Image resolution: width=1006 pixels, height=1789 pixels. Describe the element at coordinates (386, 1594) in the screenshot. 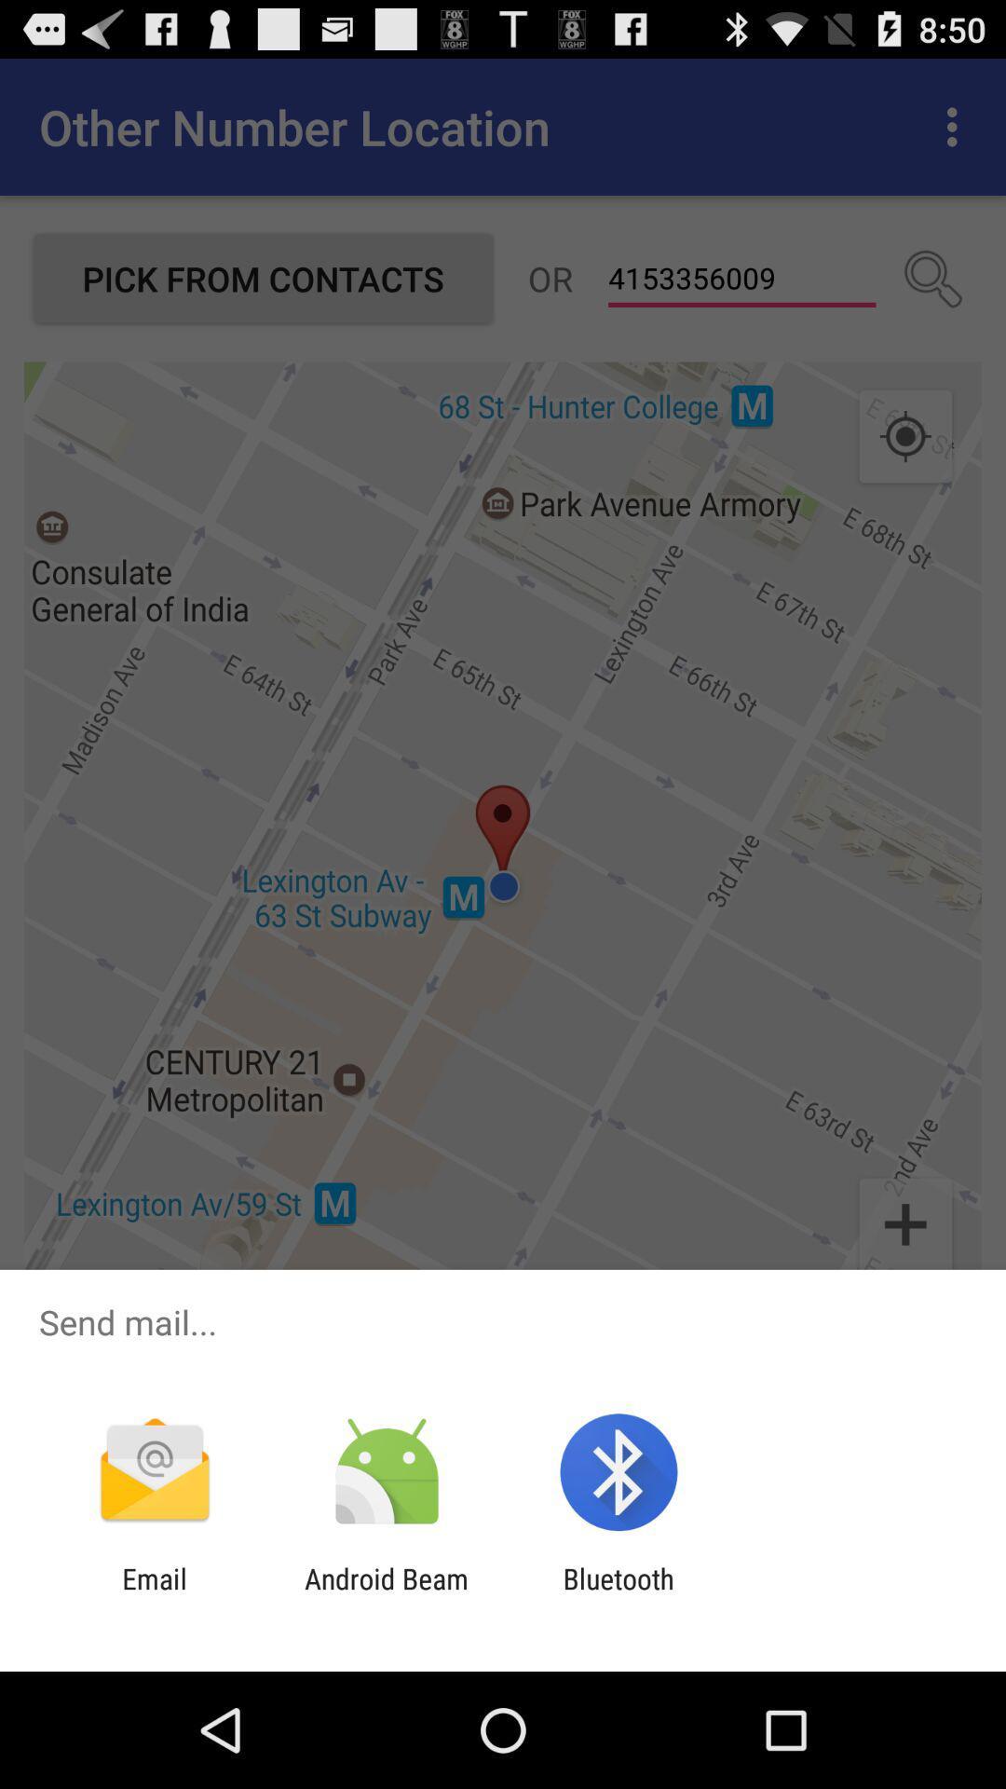

I see `the icon to the right of email app` at that location.